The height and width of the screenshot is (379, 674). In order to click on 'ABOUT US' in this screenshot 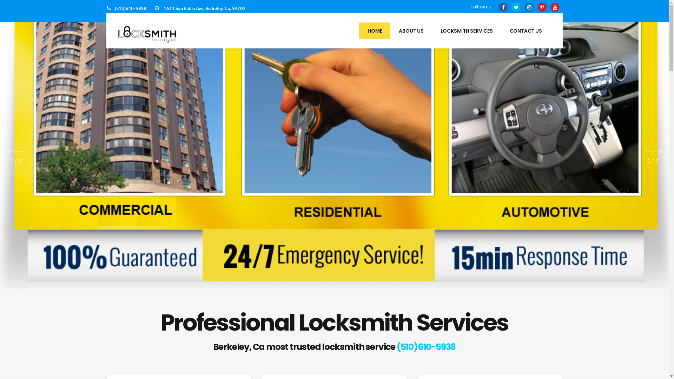, I will do `click(411, 31)`.